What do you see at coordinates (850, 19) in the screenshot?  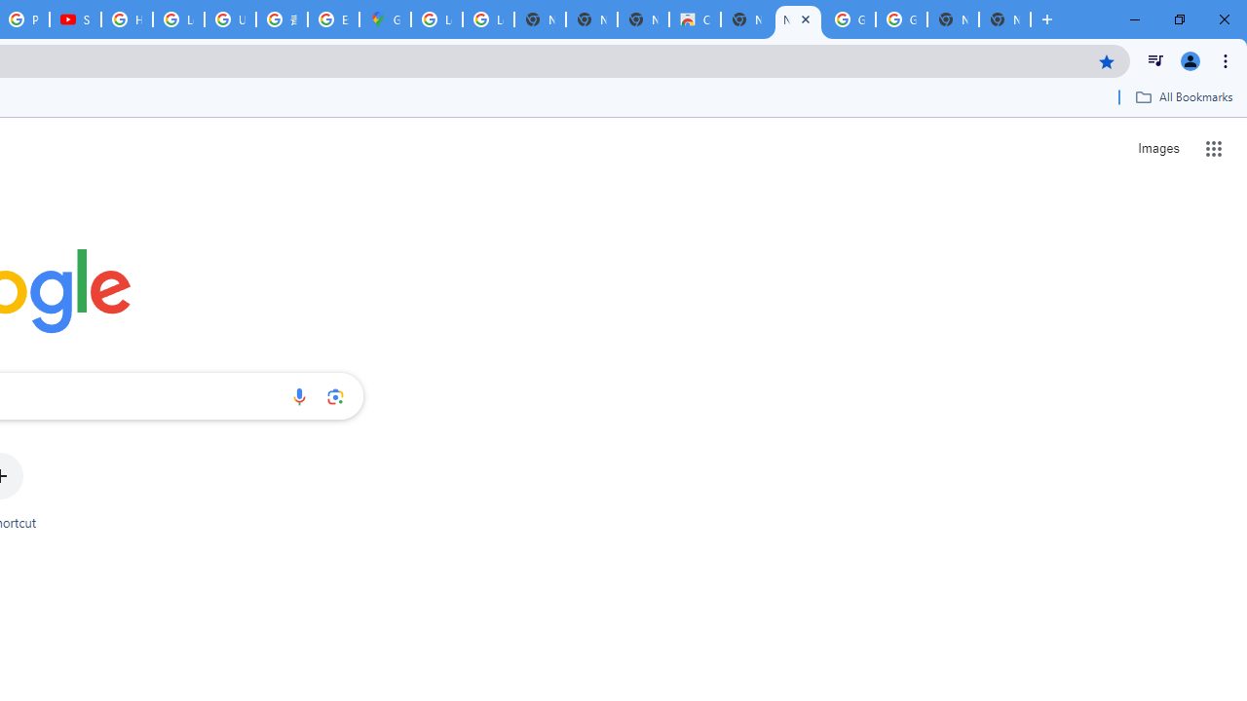 I see `'Google Images'` at bounding box center [850, 19].